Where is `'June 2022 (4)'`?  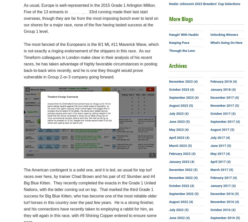 'June 2022 (4)' is located at coordinates (179, 217).